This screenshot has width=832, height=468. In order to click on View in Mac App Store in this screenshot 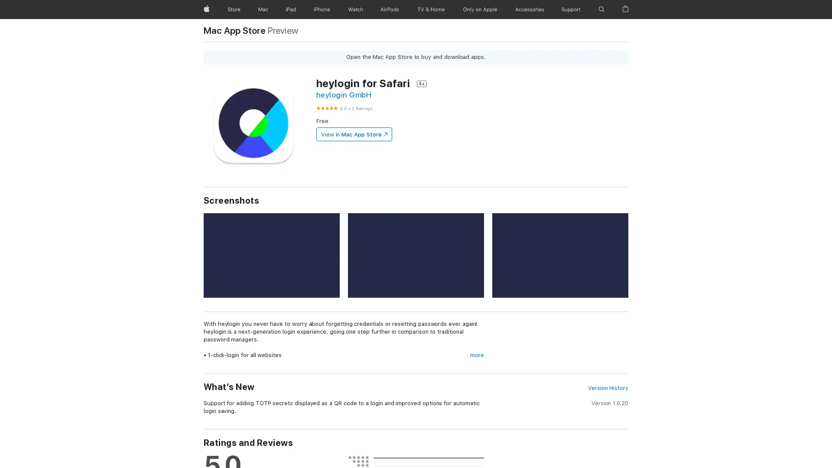, I will do `click(354, 134)`.